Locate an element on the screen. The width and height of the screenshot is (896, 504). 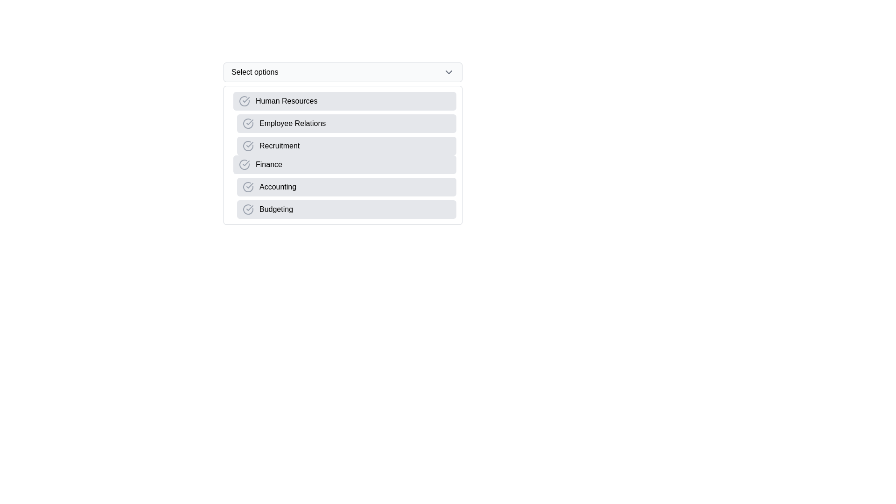
the 'Accounting' option in the finance-related topics list, which is the second item below 'Finance' and above 'Budgeting' is located at coordinates (344, 187).